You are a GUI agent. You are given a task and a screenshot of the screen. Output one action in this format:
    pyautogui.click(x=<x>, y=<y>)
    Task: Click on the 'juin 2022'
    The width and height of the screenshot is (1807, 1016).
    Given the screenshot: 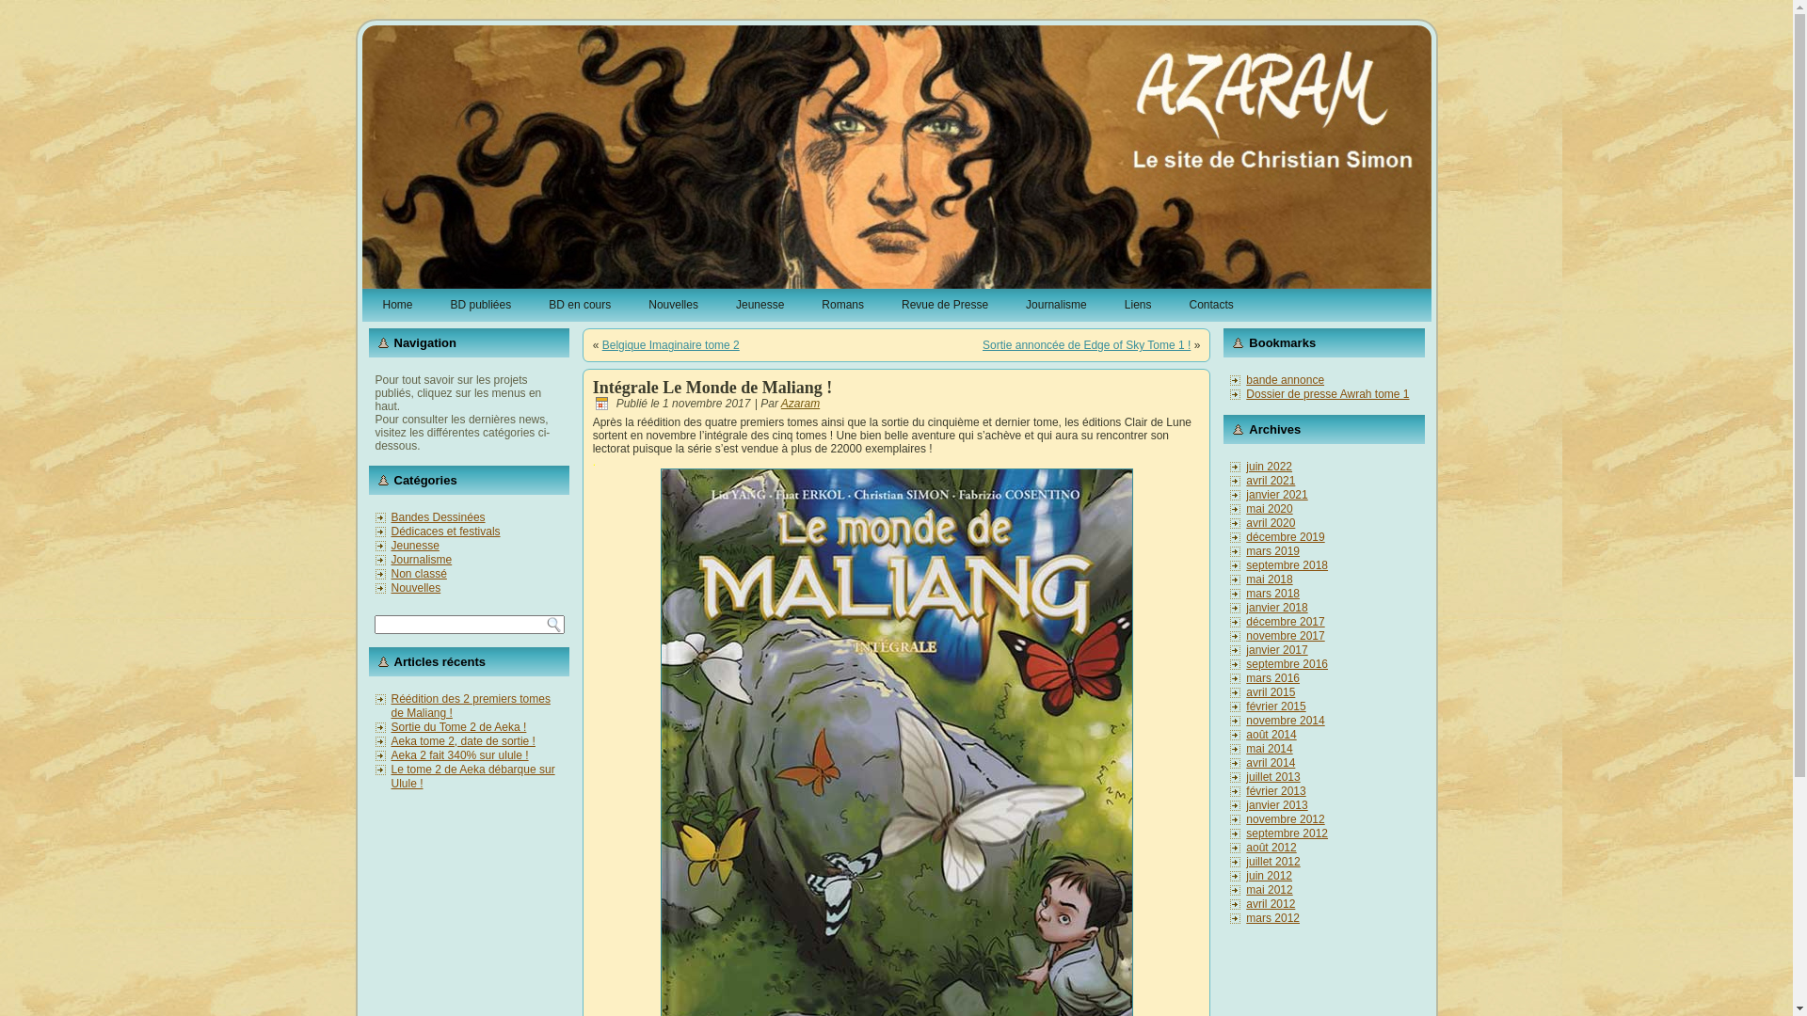 What is the action you would take?
    pyautogui.click(x=1269, y=466)
    